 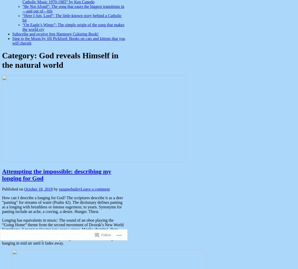 I want to click on '“On Eagle’s Wings”: The simple origin of the song that makes the world cry', so click(x=73, y=27).